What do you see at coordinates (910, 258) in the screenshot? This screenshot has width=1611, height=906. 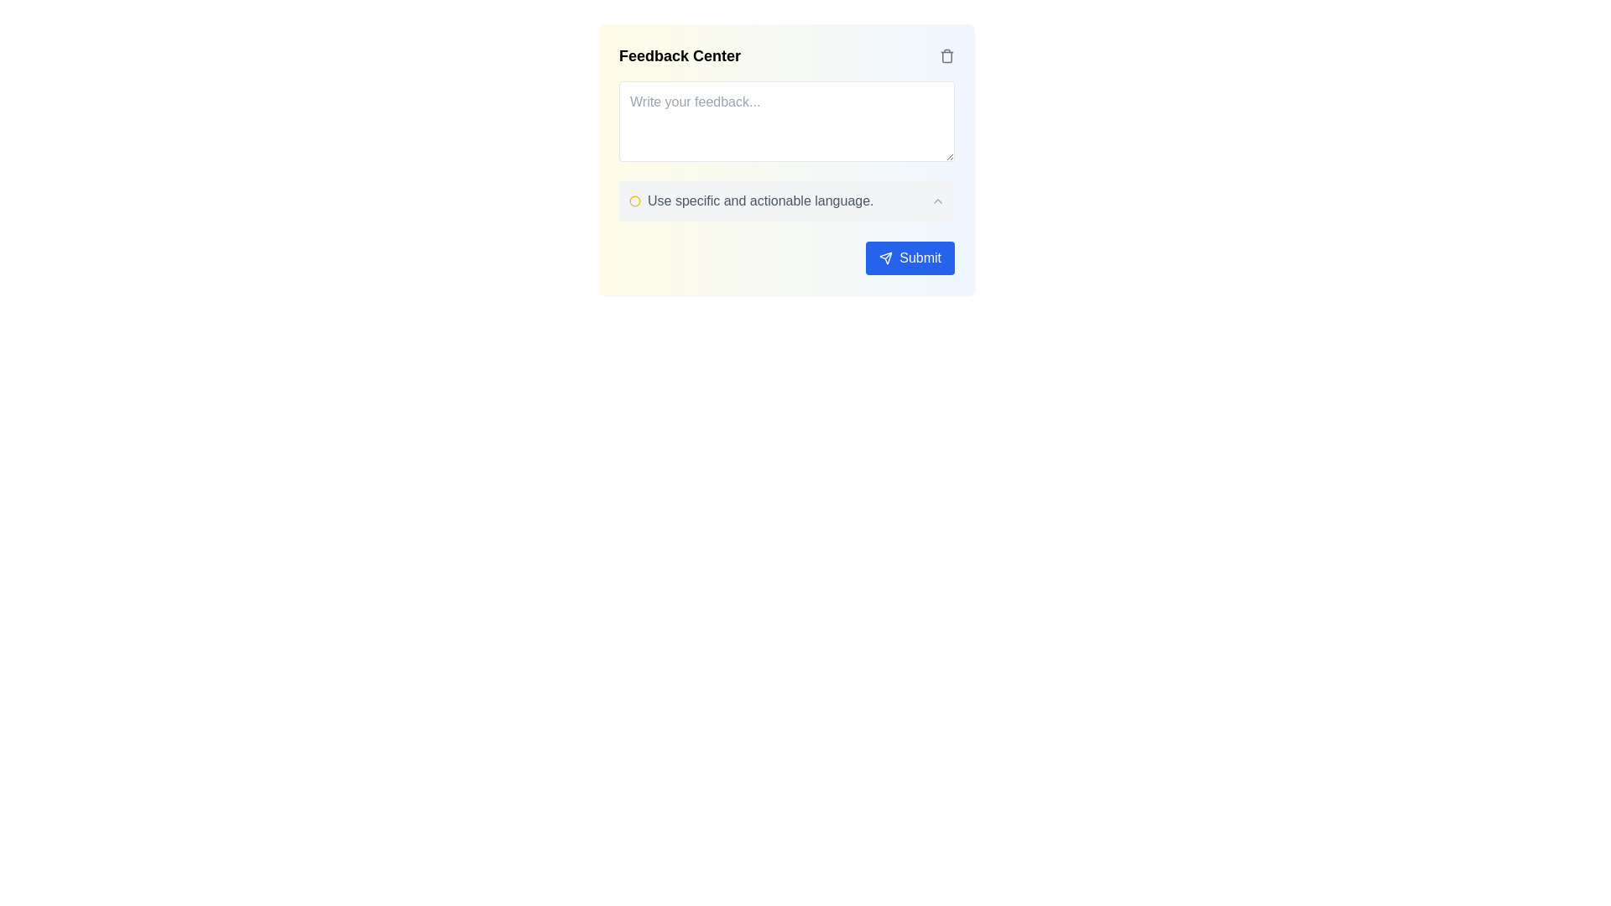 I see `the blue 'Submit' button with rounded corners and a paper plane icon` at bounding box center [910, 258].